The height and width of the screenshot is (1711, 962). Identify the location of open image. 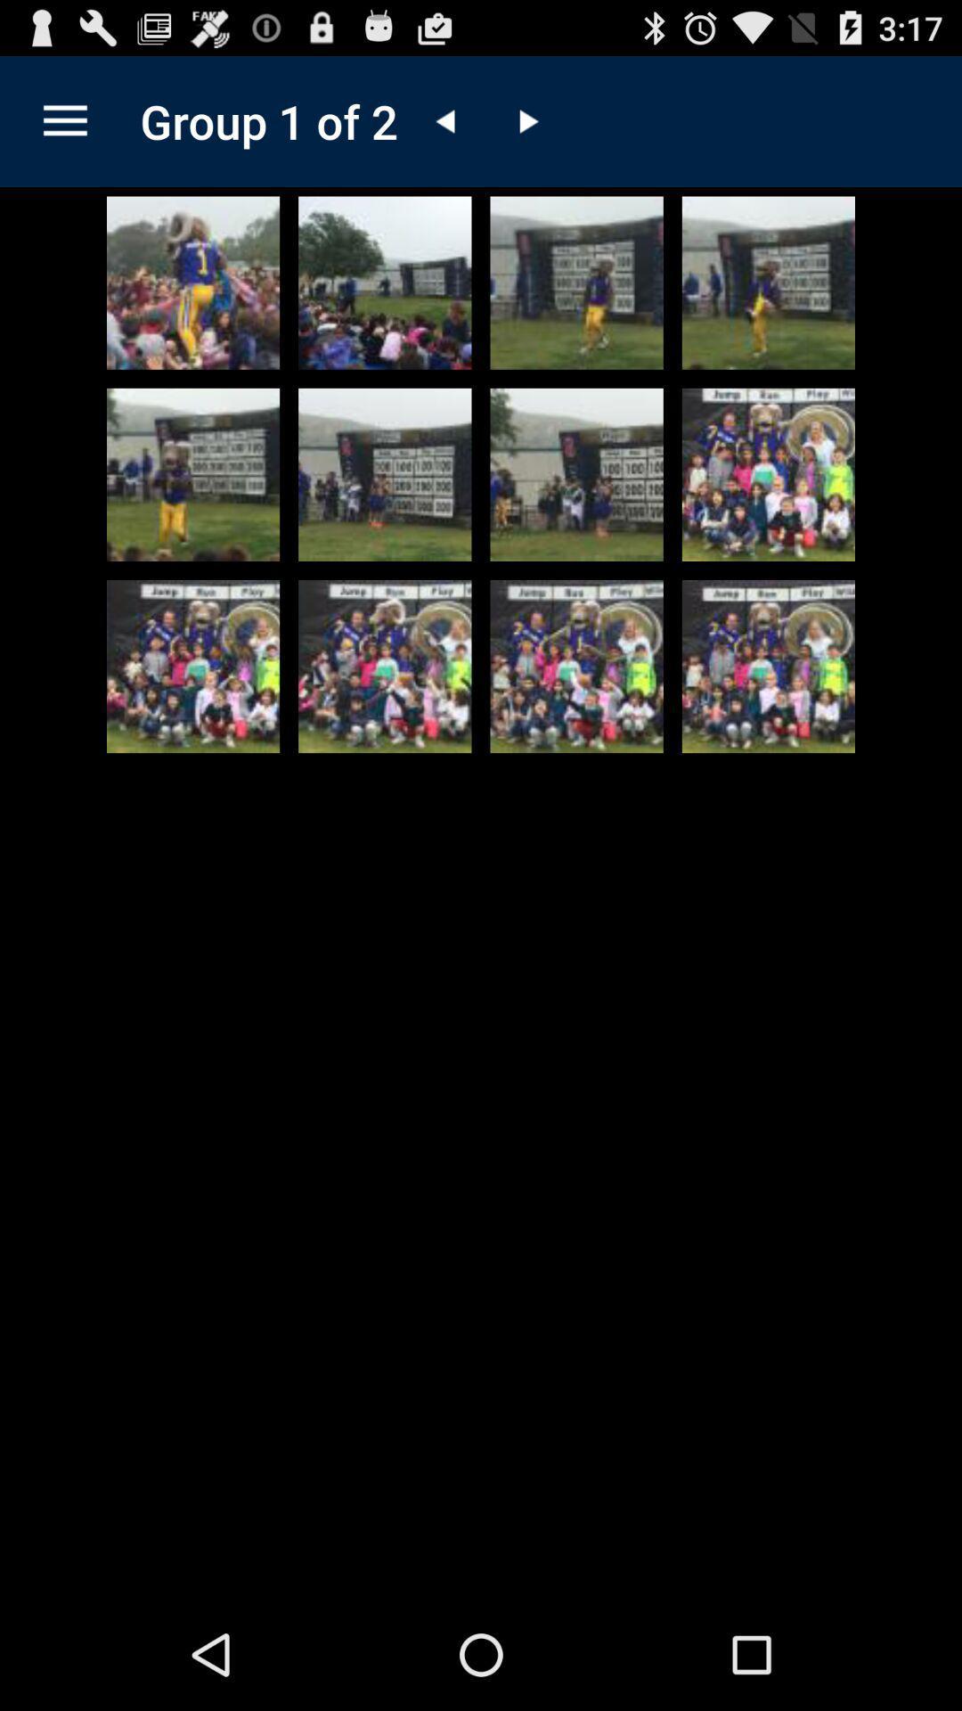
(384, 282).